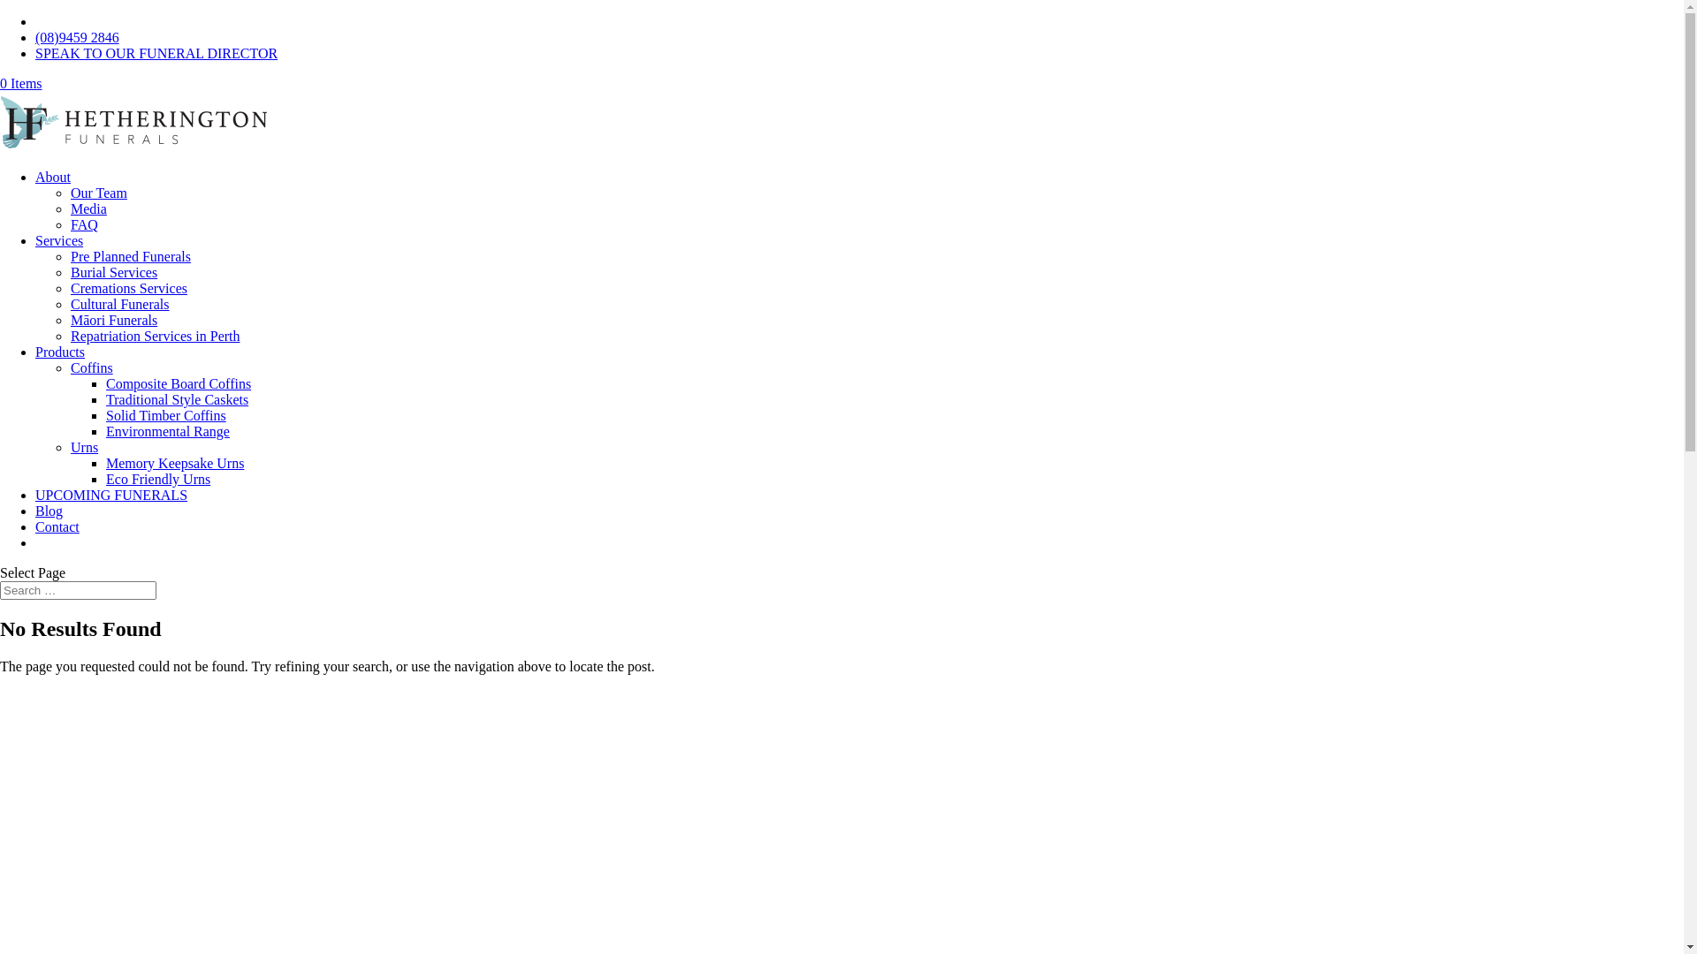 This screenshot has height=954, width=1697. I want to click on 'FAQ', so click(83, 223).